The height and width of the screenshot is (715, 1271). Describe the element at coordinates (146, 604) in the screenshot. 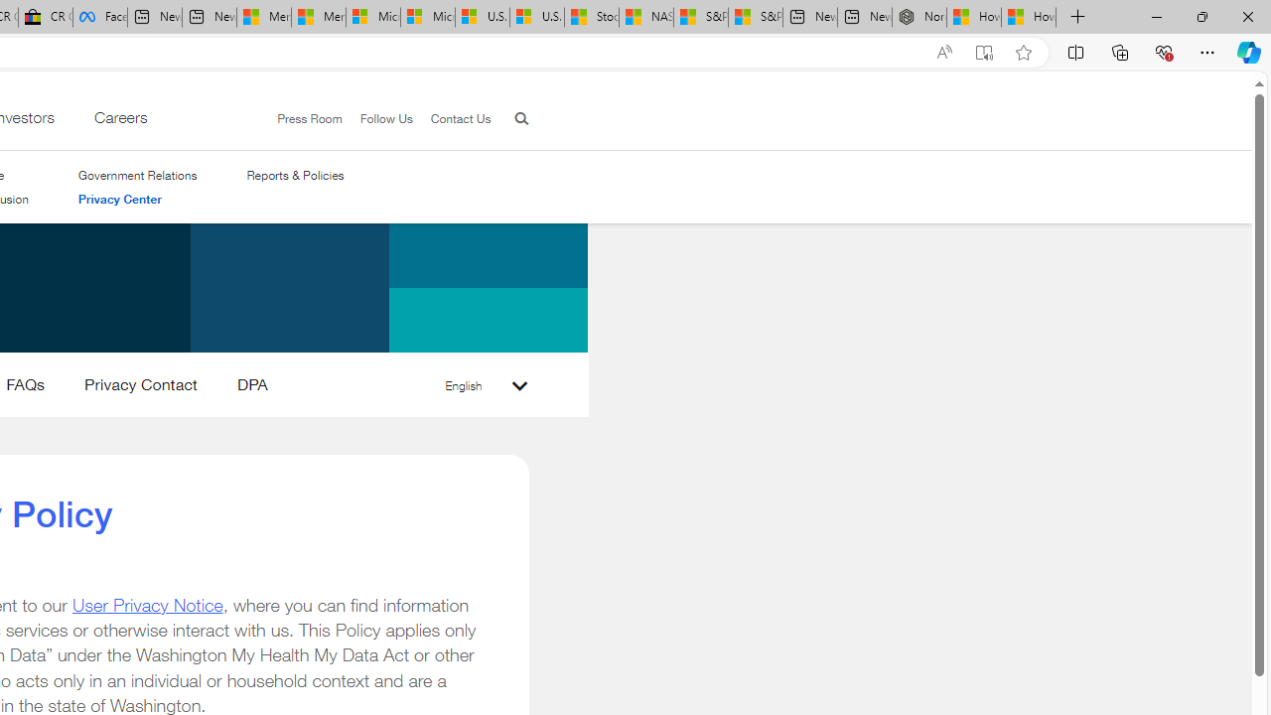

I see `'User Privacy Notice'` at that location.